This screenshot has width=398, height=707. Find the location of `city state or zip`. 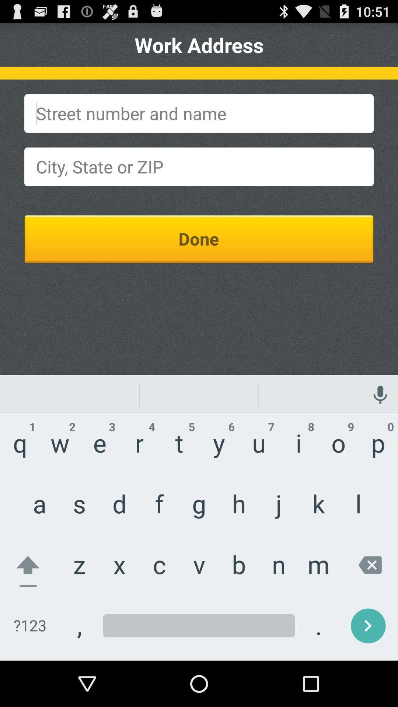

city state or zip is located at coordinates (199, 166).